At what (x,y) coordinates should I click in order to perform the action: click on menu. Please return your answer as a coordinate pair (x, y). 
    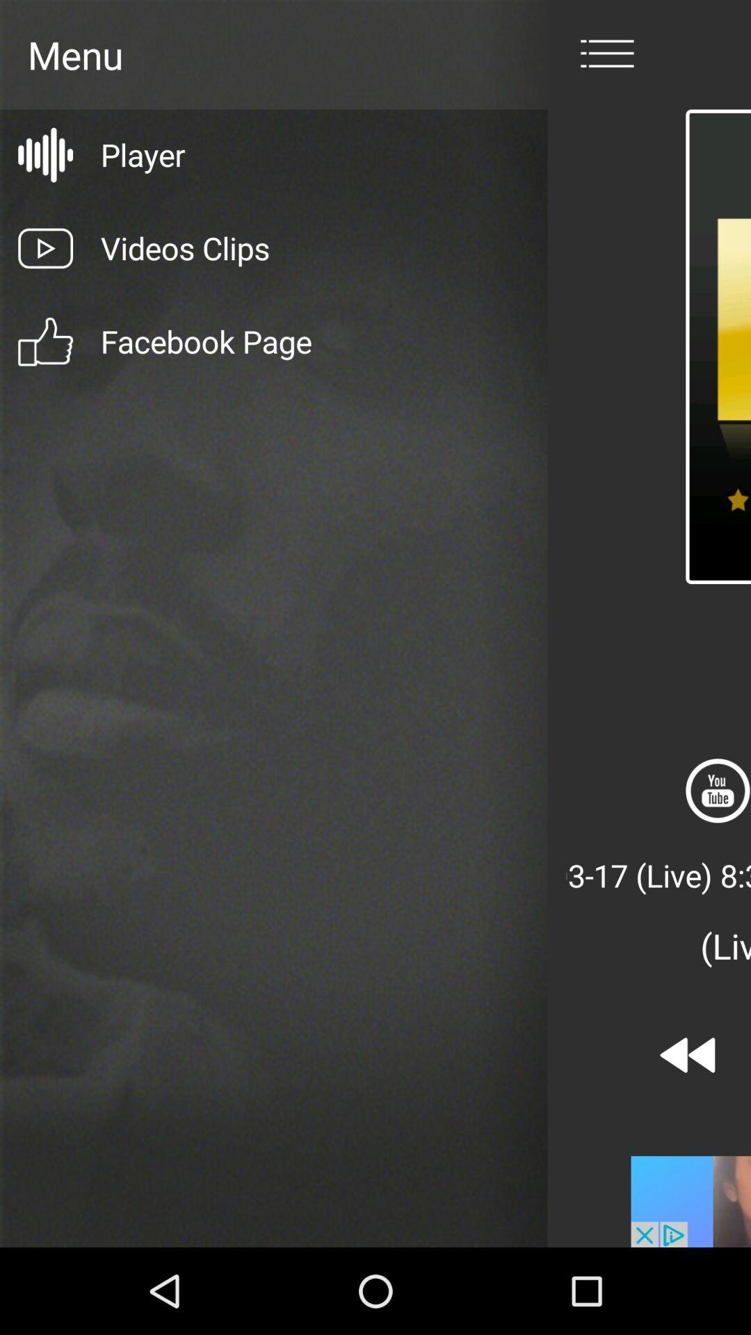
    Looking at the image, I should click on (606, 54).